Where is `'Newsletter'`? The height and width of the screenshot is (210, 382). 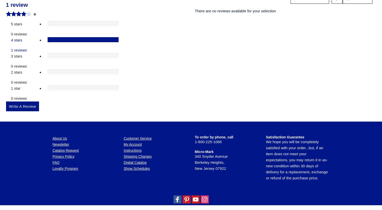
'Newsletter' is located at coordinates (61, 58).